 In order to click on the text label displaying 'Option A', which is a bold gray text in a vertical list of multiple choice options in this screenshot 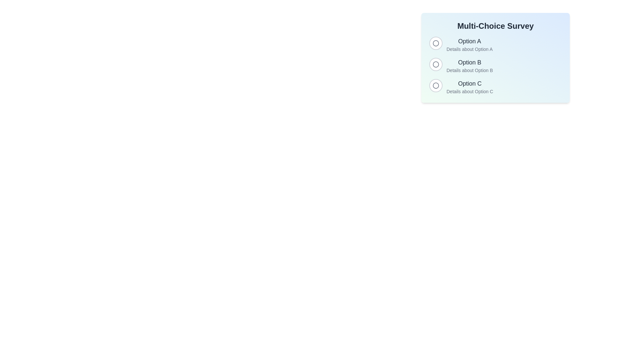, I will do `click(469, 41)`.